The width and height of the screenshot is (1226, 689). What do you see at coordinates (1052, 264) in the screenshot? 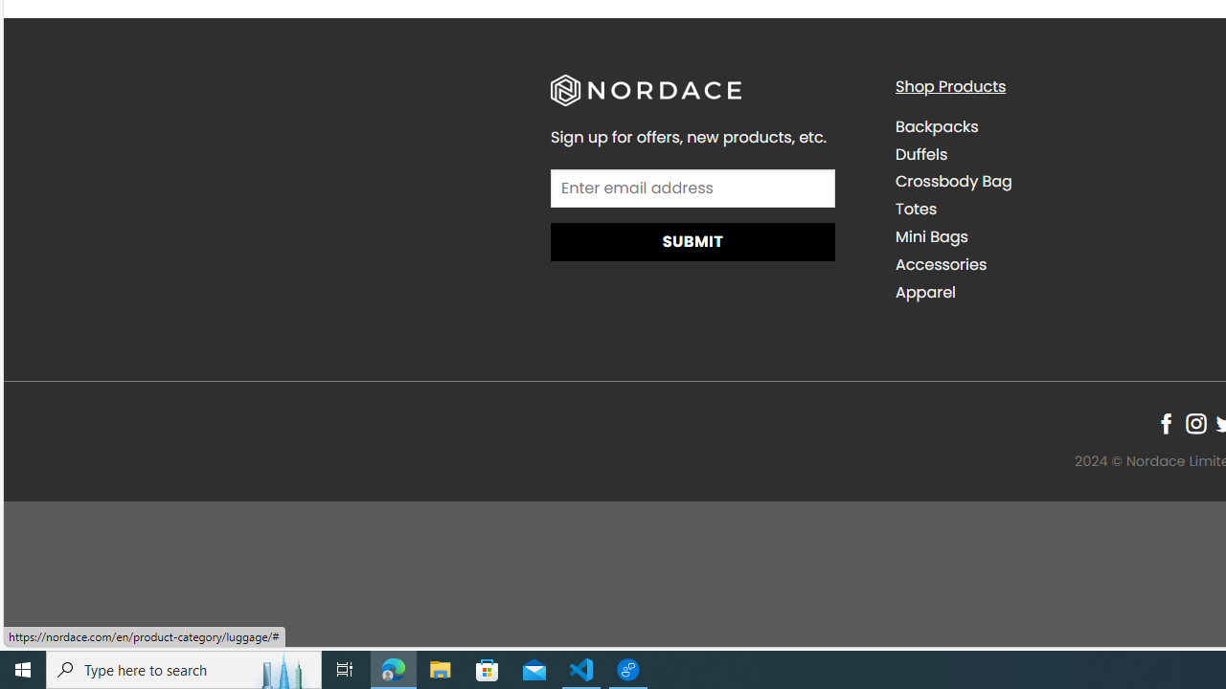
I see `'Accessories'` at bounding box center [1052, 264].